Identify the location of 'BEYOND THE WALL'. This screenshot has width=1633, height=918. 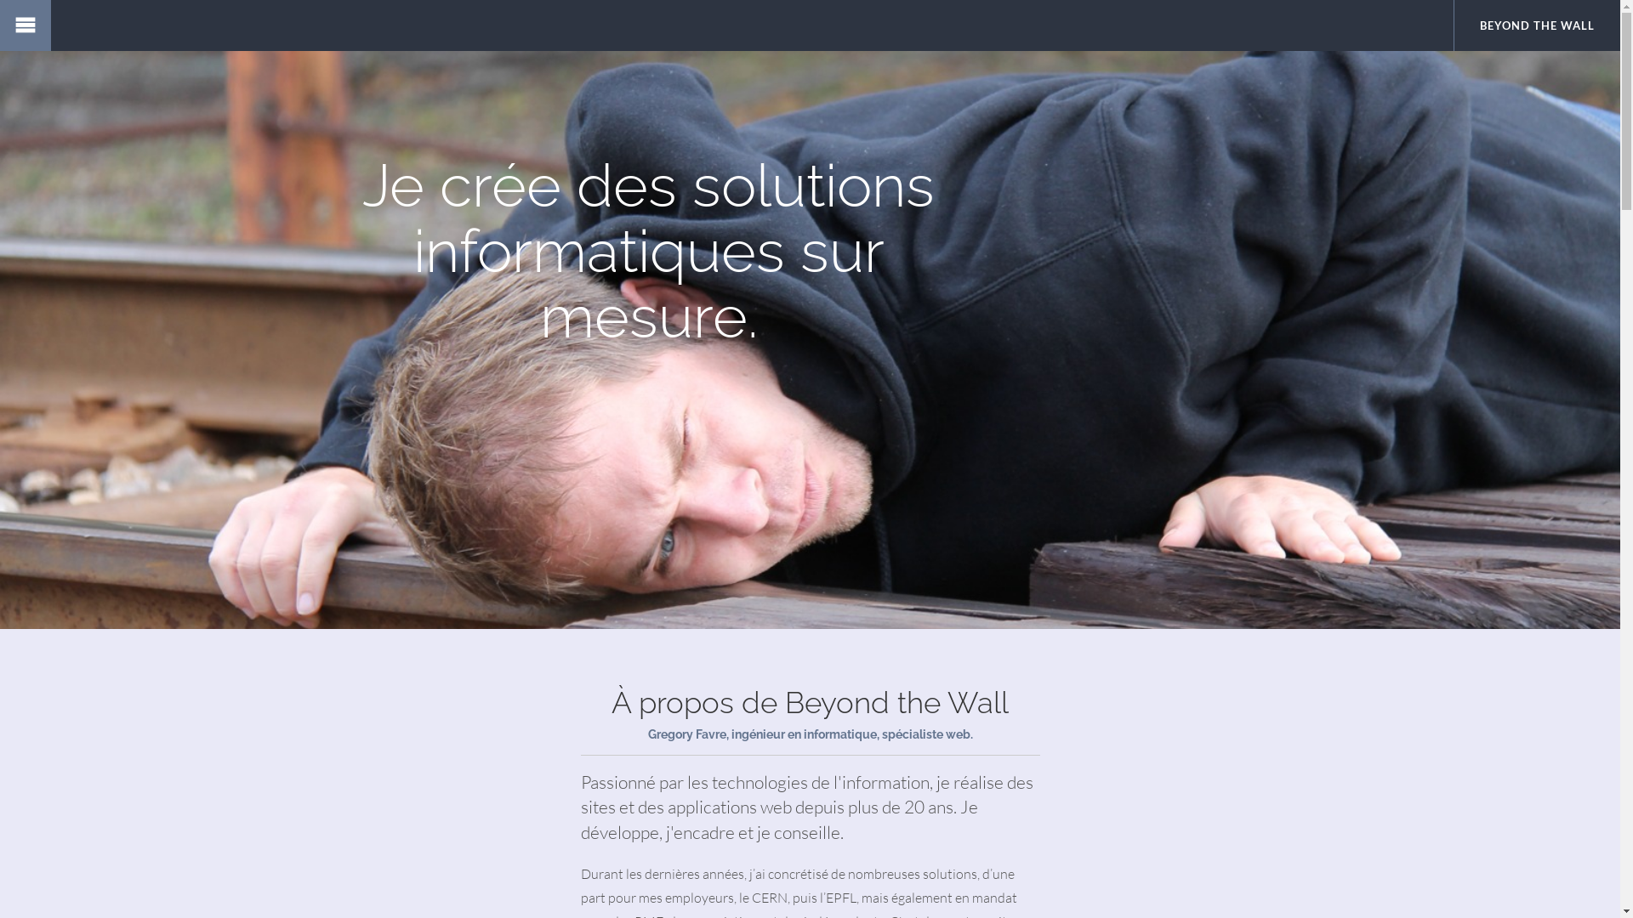
(1537, 25).